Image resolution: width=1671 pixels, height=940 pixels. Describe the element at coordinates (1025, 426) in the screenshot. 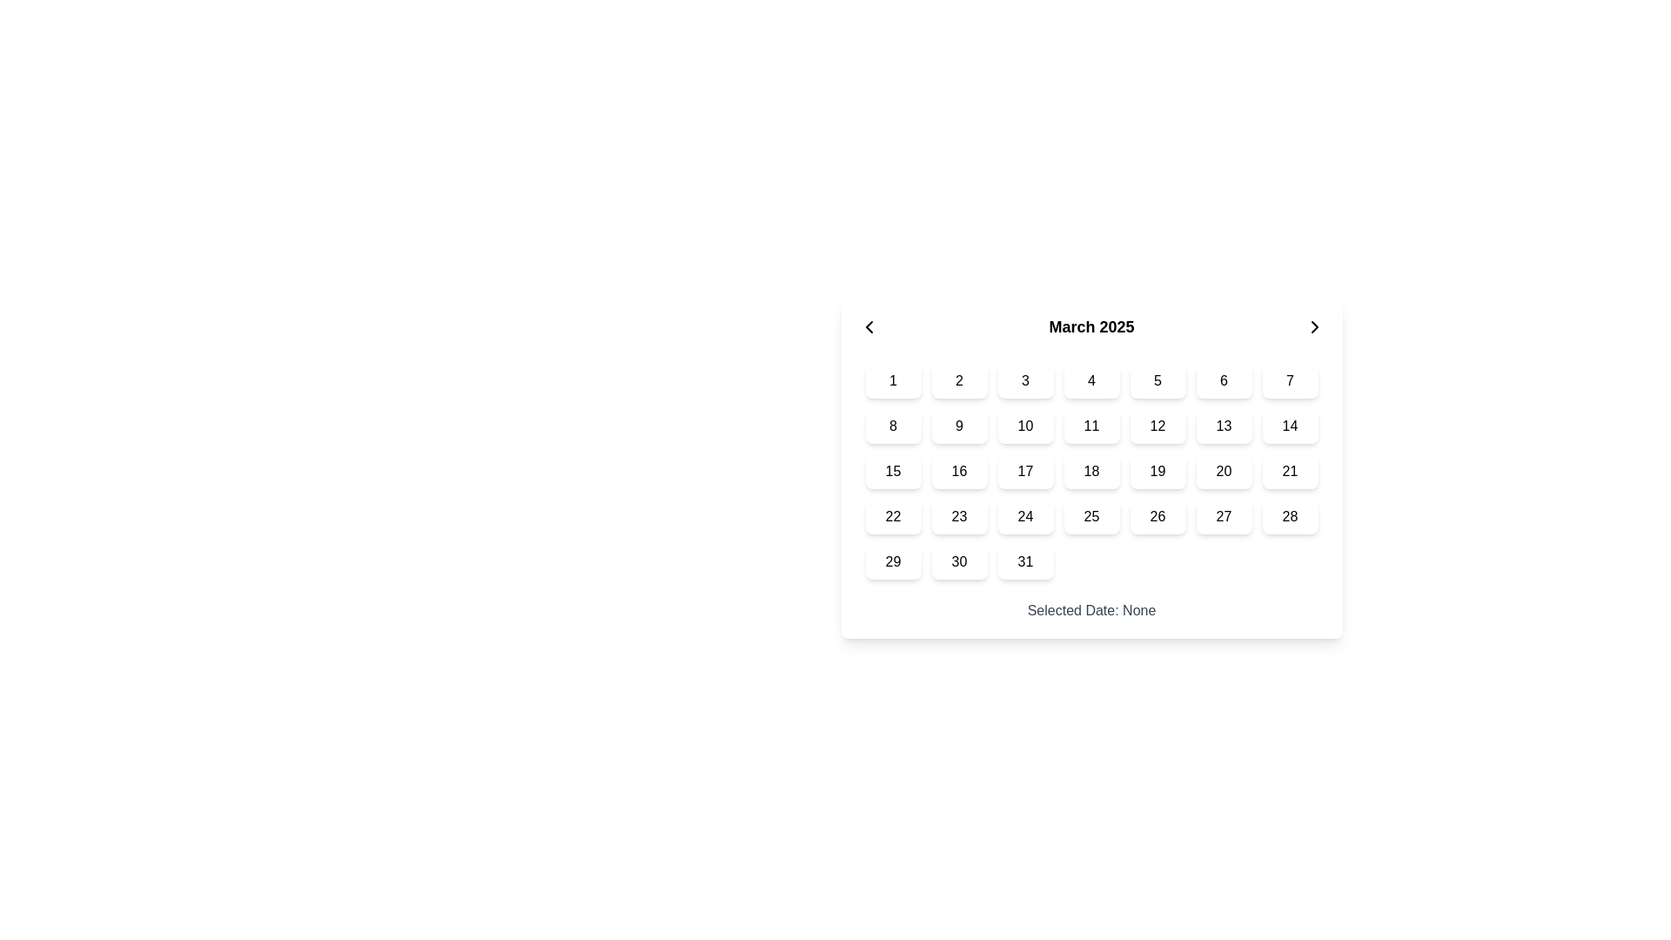

I see `the rounded rectangular button labeled '10' in the second row and third column of the grid` at that location.